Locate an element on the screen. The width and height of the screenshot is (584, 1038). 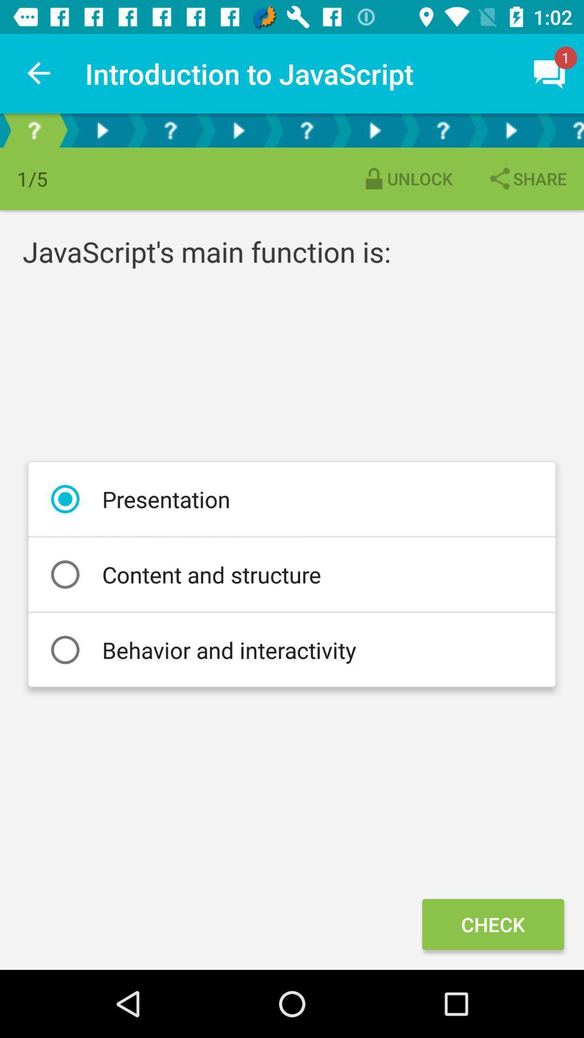
the play icon is located at coordinates (374, 130).